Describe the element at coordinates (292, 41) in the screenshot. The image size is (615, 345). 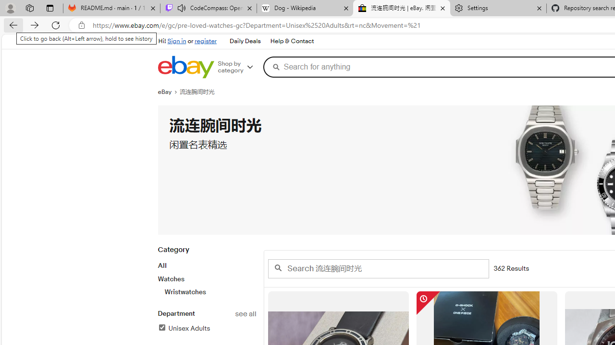
I see `'Help & Contact'` at that location.